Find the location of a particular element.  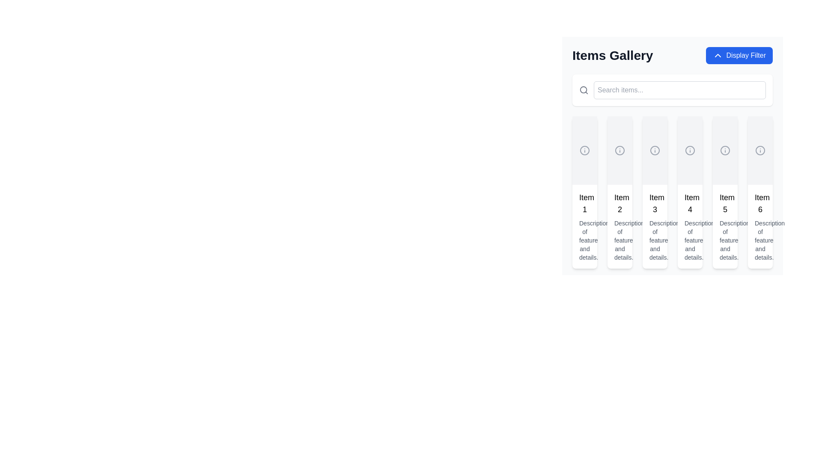

the static text block that reads 'Description of feature and details.' located in the fourth column of the card layout, positioned below 'Item 4' is located at coordinates (690, 240).